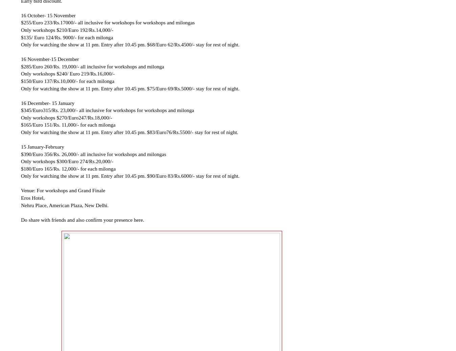  I want to click on 'Only for watching the show at 11 pm. Entry after 10.45 pm. $90/Euro 83/Rs.6000/- stay for rest of night.', so click(21, 175).